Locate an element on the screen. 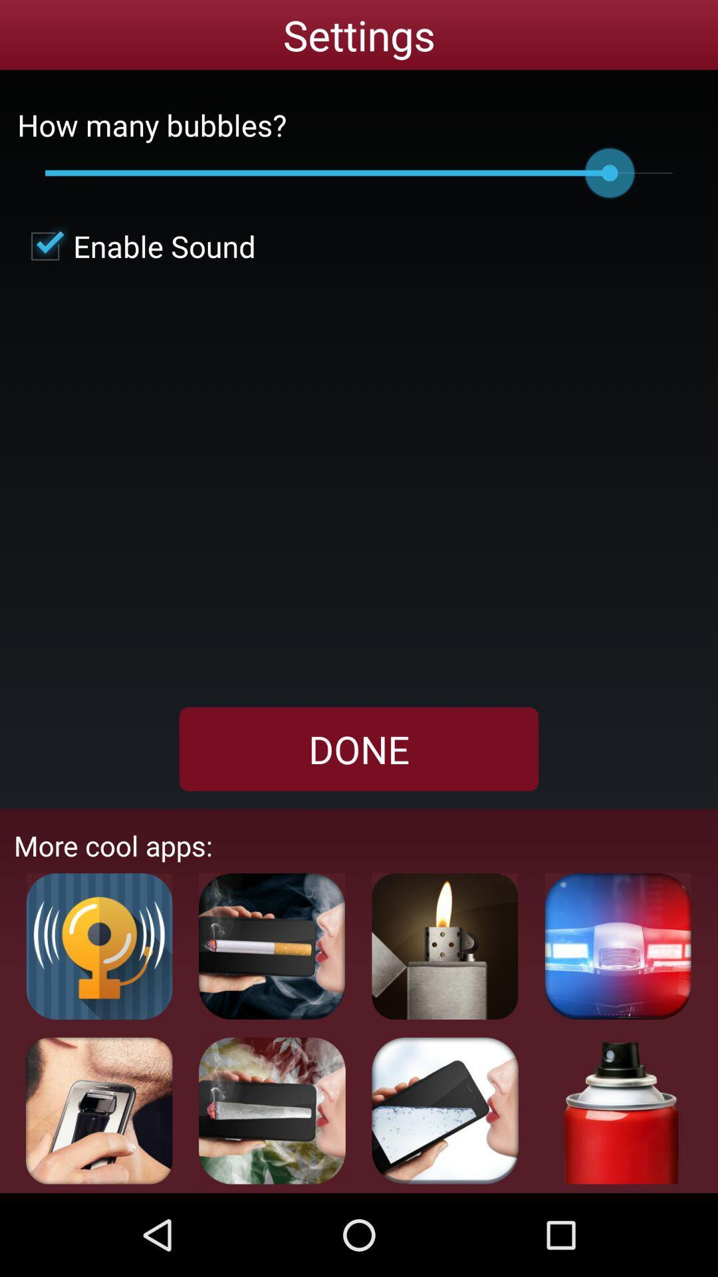  app above more cool apps: app is located at coordinates (359, 749).